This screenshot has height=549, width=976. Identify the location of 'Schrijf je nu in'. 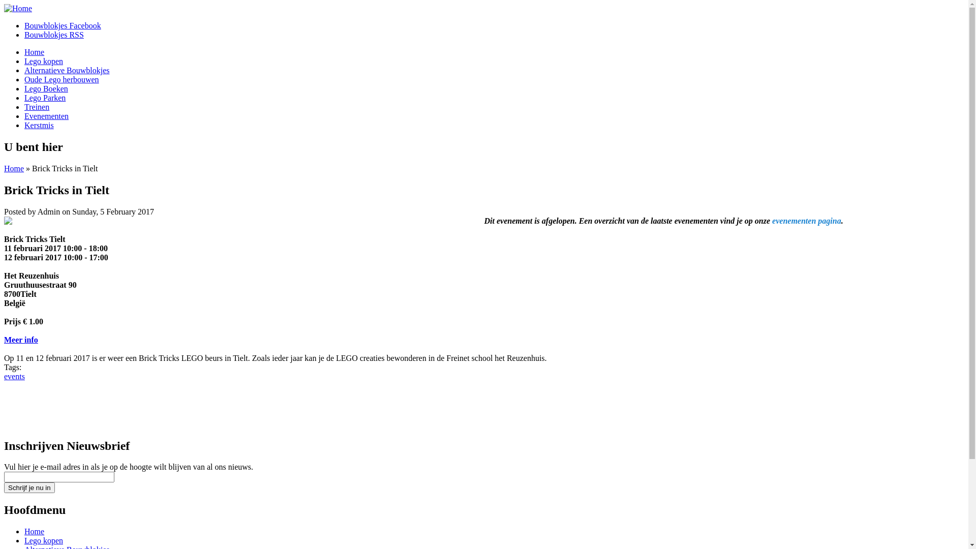
(29, 487).